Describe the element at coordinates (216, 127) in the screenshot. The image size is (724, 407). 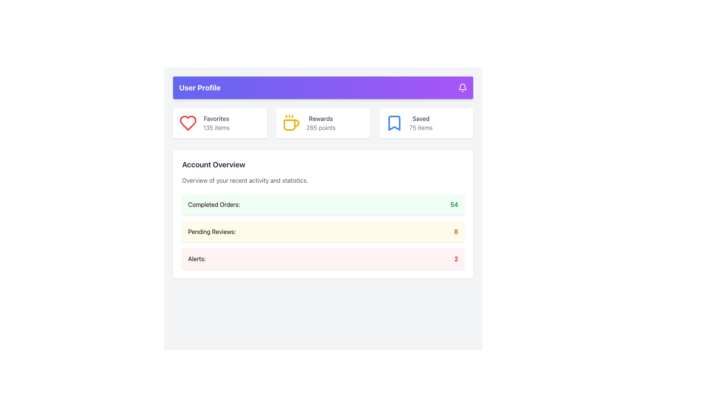
I see `the label that provides additional information about the number of items under the 'Favorites' category, located underneath the 'Favorites' text in the leftmost card of a horizontal row, below the 'User Profile' header` at that location.